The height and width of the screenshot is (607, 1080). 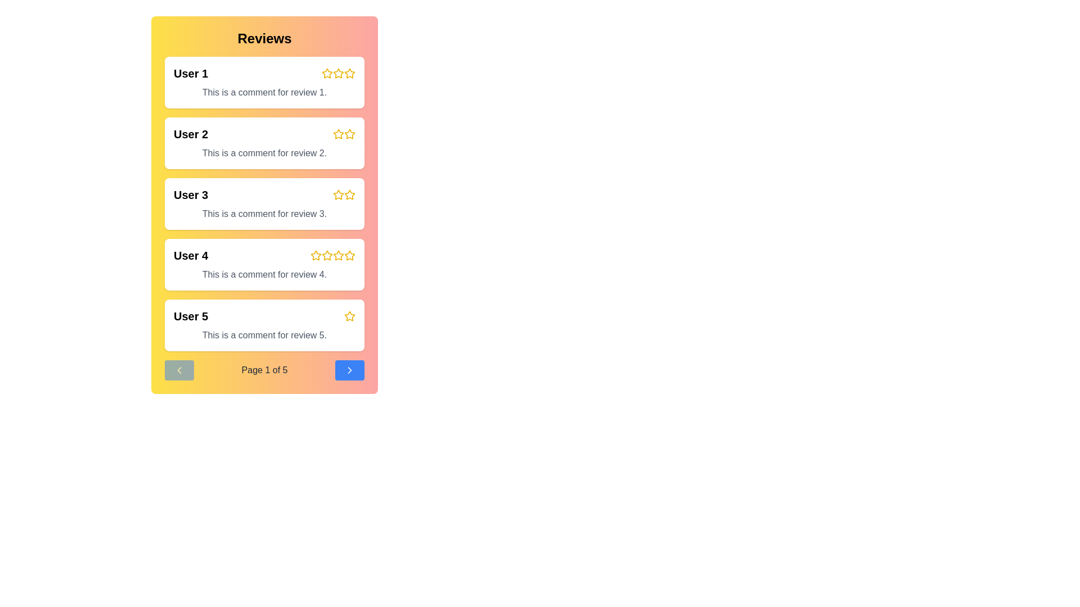 I want to click on the second star icon in the rating section for 'User 2', so click(x=349, y=134).